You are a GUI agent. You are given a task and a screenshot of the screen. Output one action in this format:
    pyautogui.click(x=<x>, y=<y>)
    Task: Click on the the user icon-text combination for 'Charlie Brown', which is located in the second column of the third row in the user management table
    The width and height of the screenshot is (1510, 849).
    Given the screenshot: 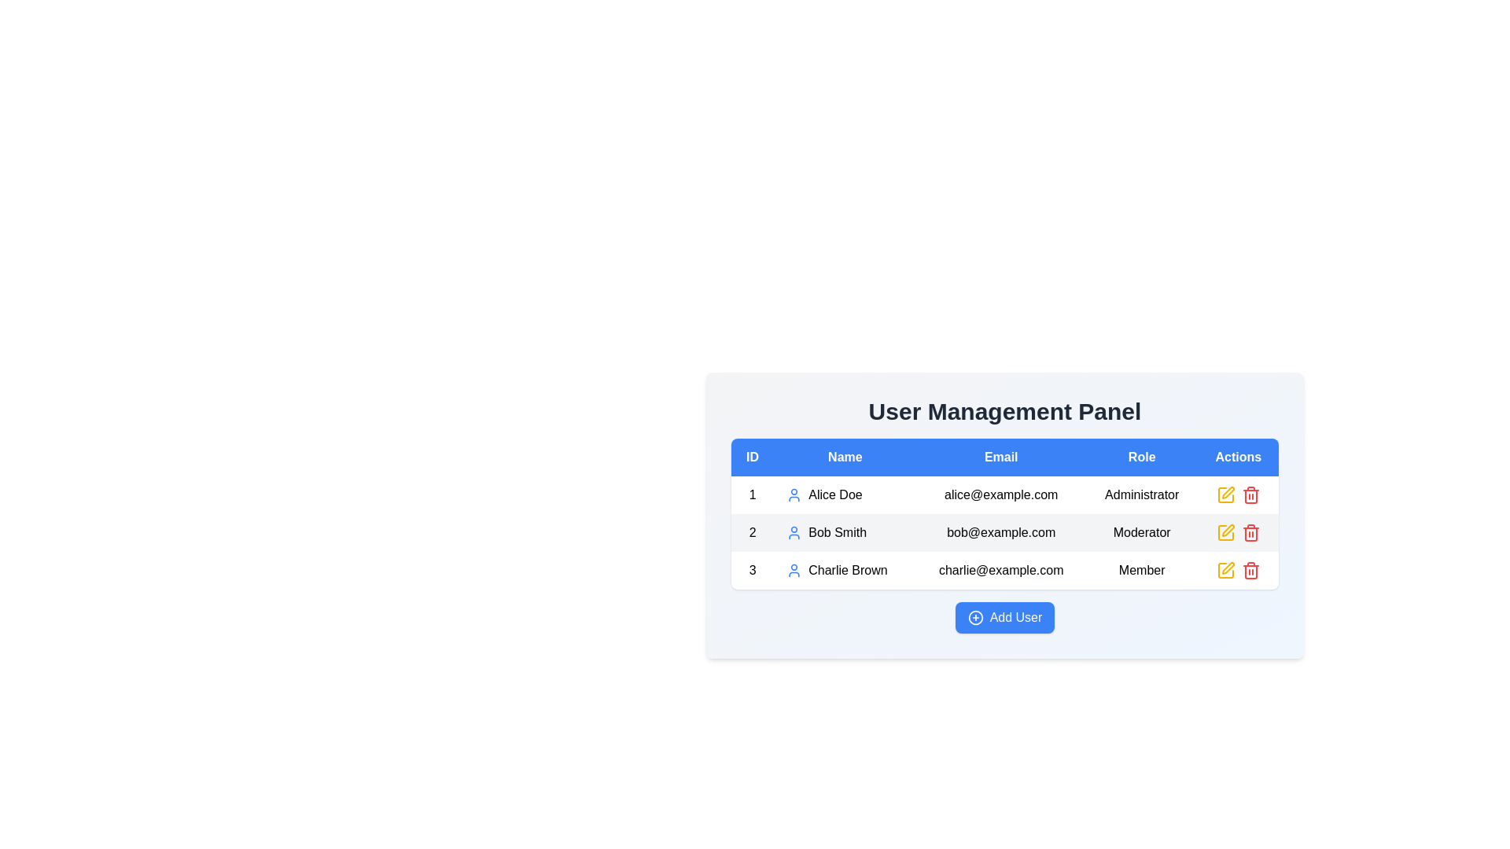 What is the action you would take?
    pyautogui.click(x=844, y=570)
    